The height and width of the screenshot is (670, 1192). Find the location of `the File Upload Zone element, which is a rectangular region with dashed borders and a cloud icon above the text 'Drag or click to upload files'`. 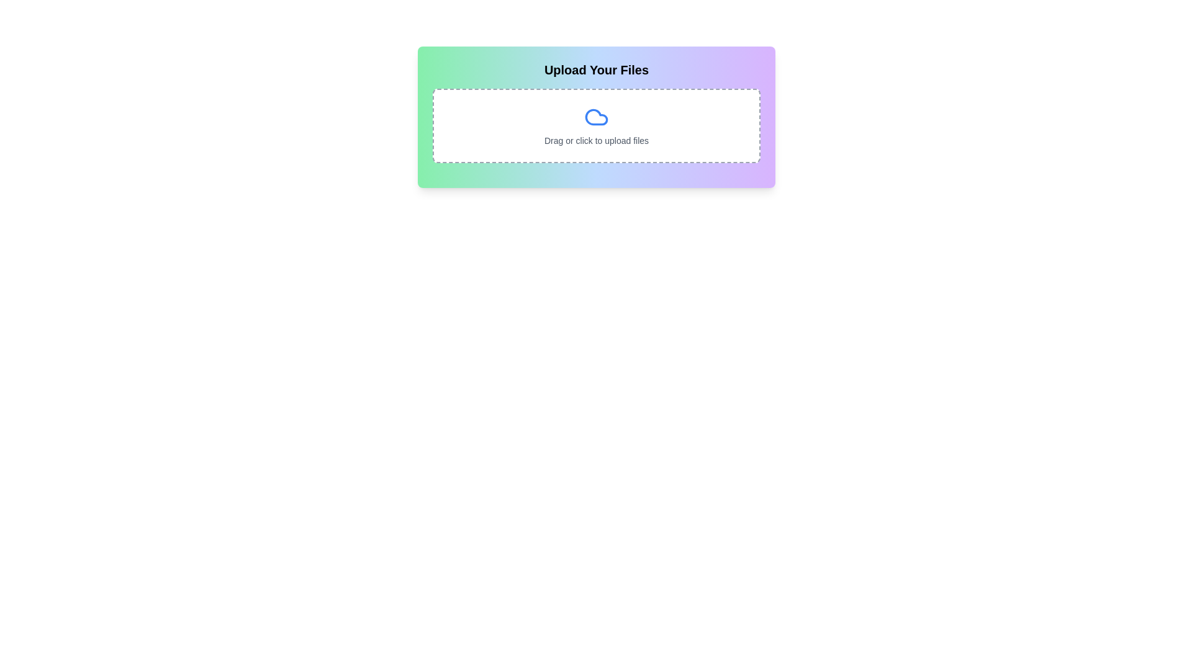

the File Upload Zone element, which is a rectangular region with dashed borders and a cloud icon above the text 'Drag or click to upload files' is located at coordinates (596, 126).